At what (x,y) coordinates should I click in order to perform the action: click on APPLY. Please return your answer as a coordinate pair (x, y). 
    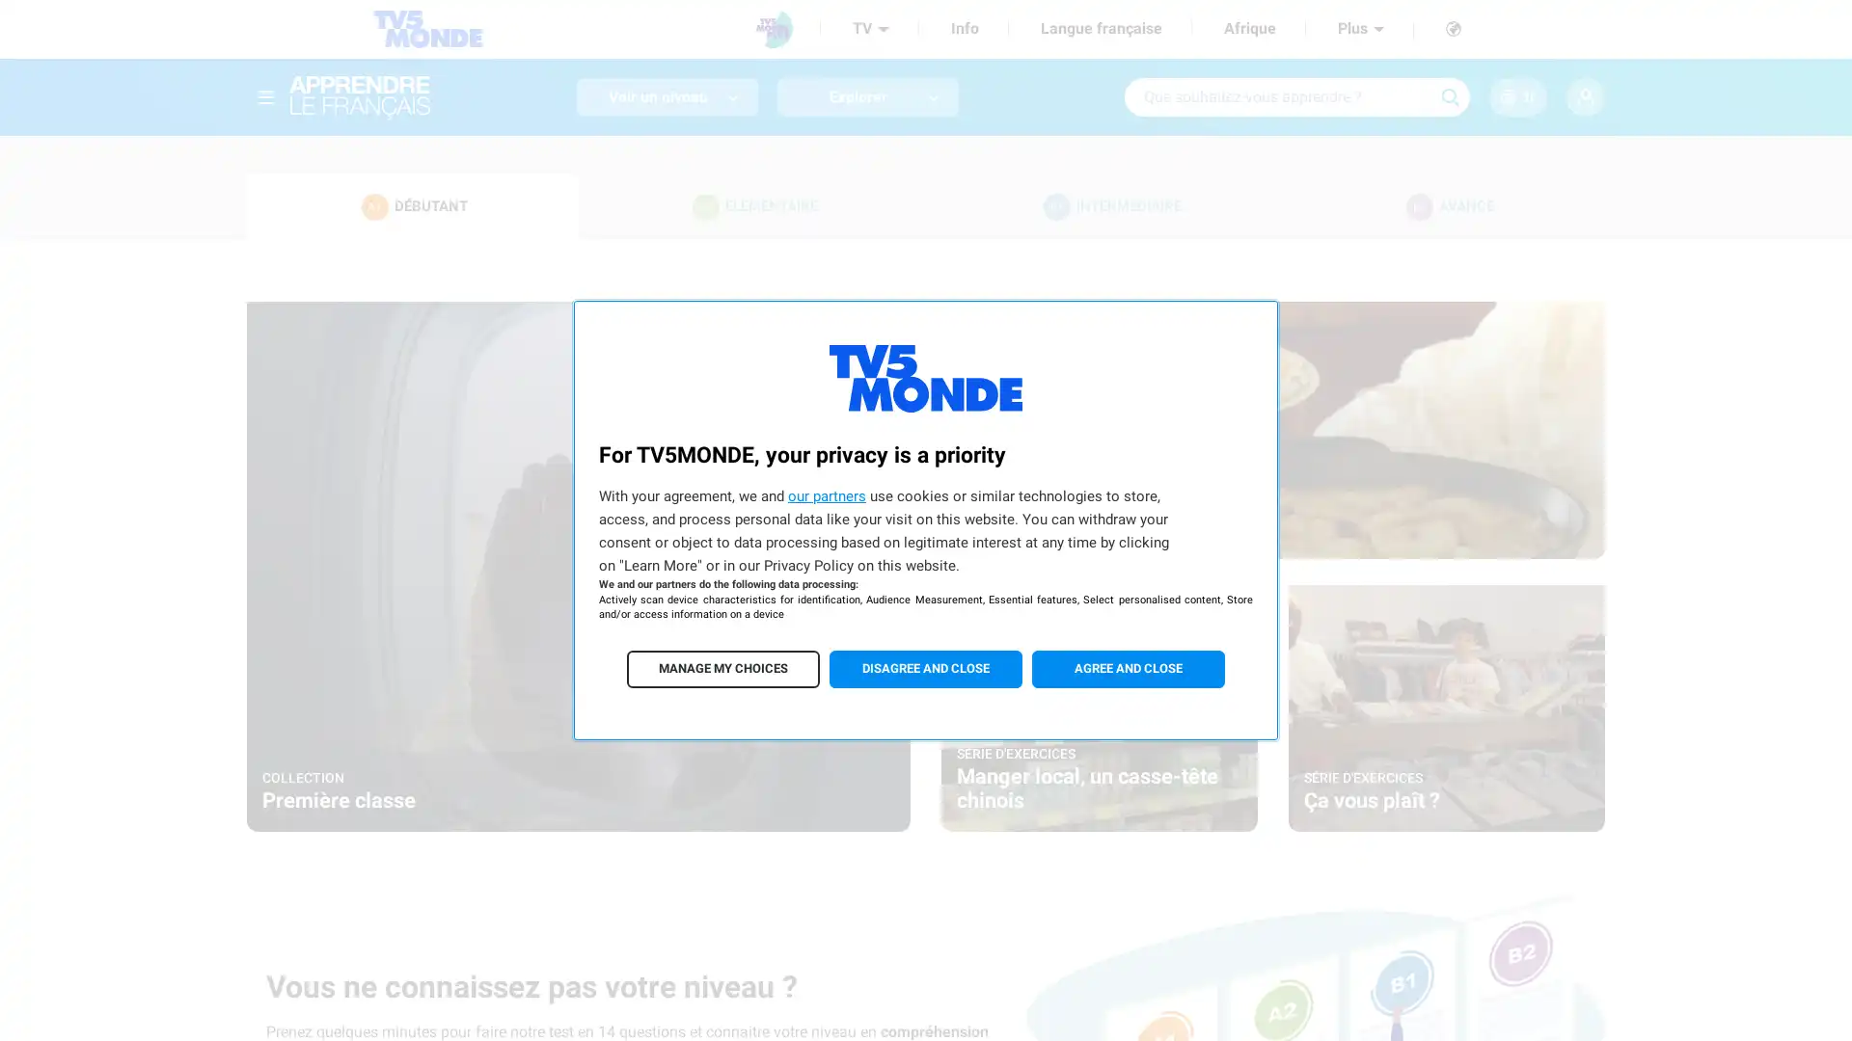
    Looking at the image, I should click on (1450, 96).